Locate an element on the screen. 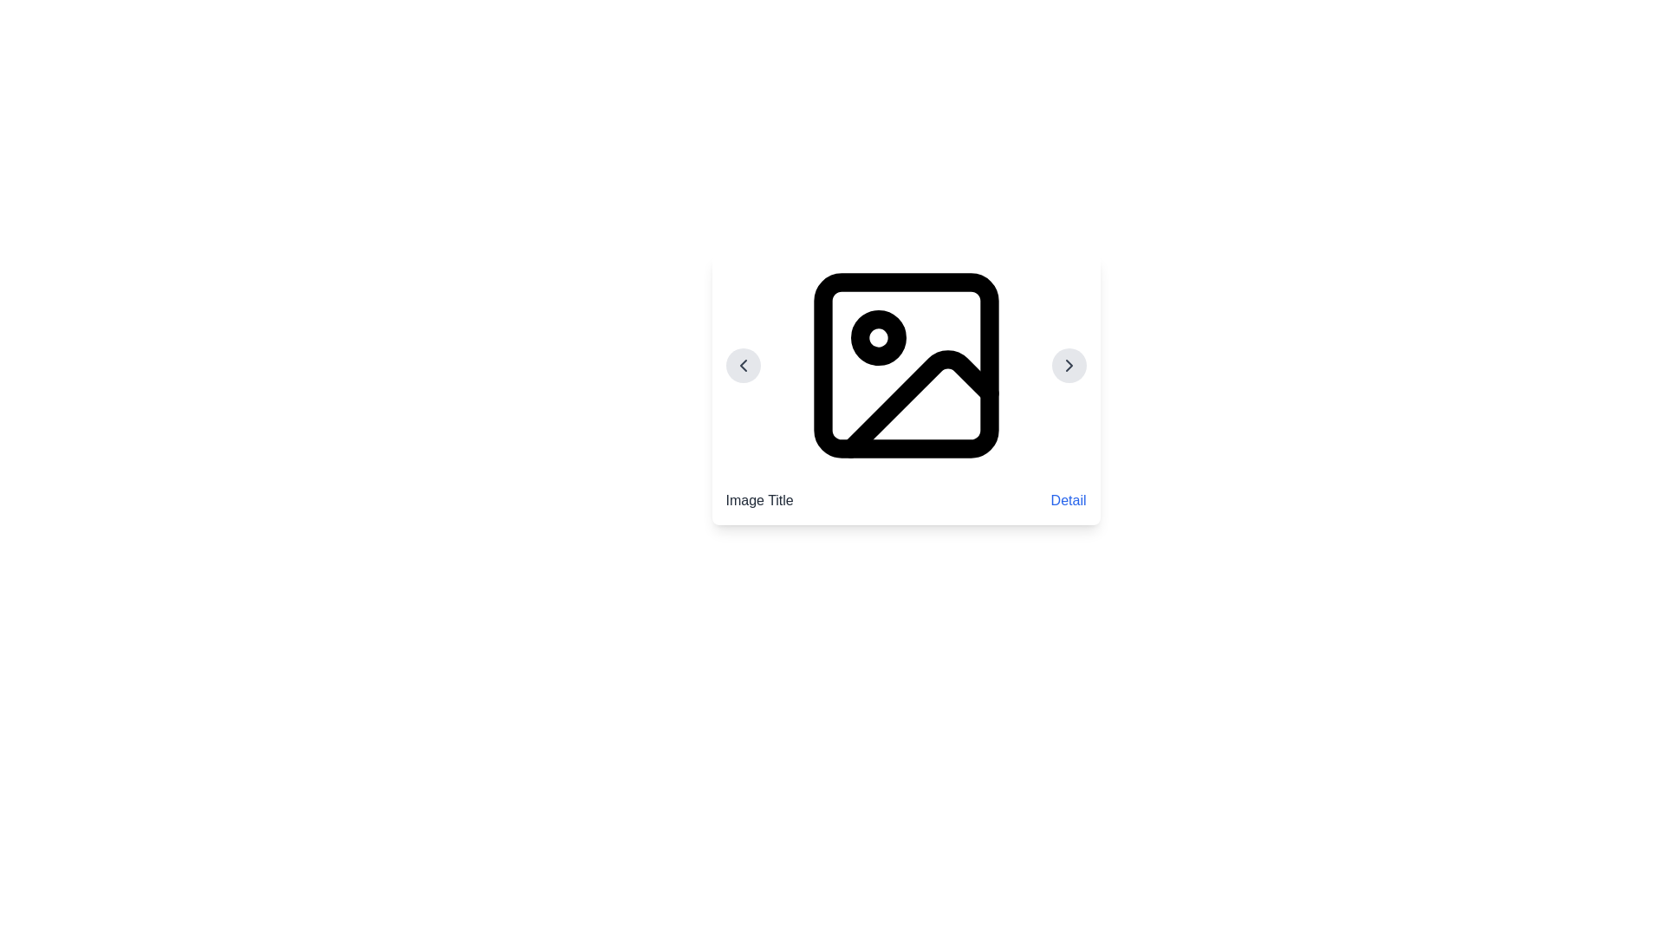 The width and height of the screenshot is (1664, 936). the navigational button located on the right side of the card-like interface component, allowing the user to move to the next item in the sequence or carousel is located at coordinates (1068, 364).